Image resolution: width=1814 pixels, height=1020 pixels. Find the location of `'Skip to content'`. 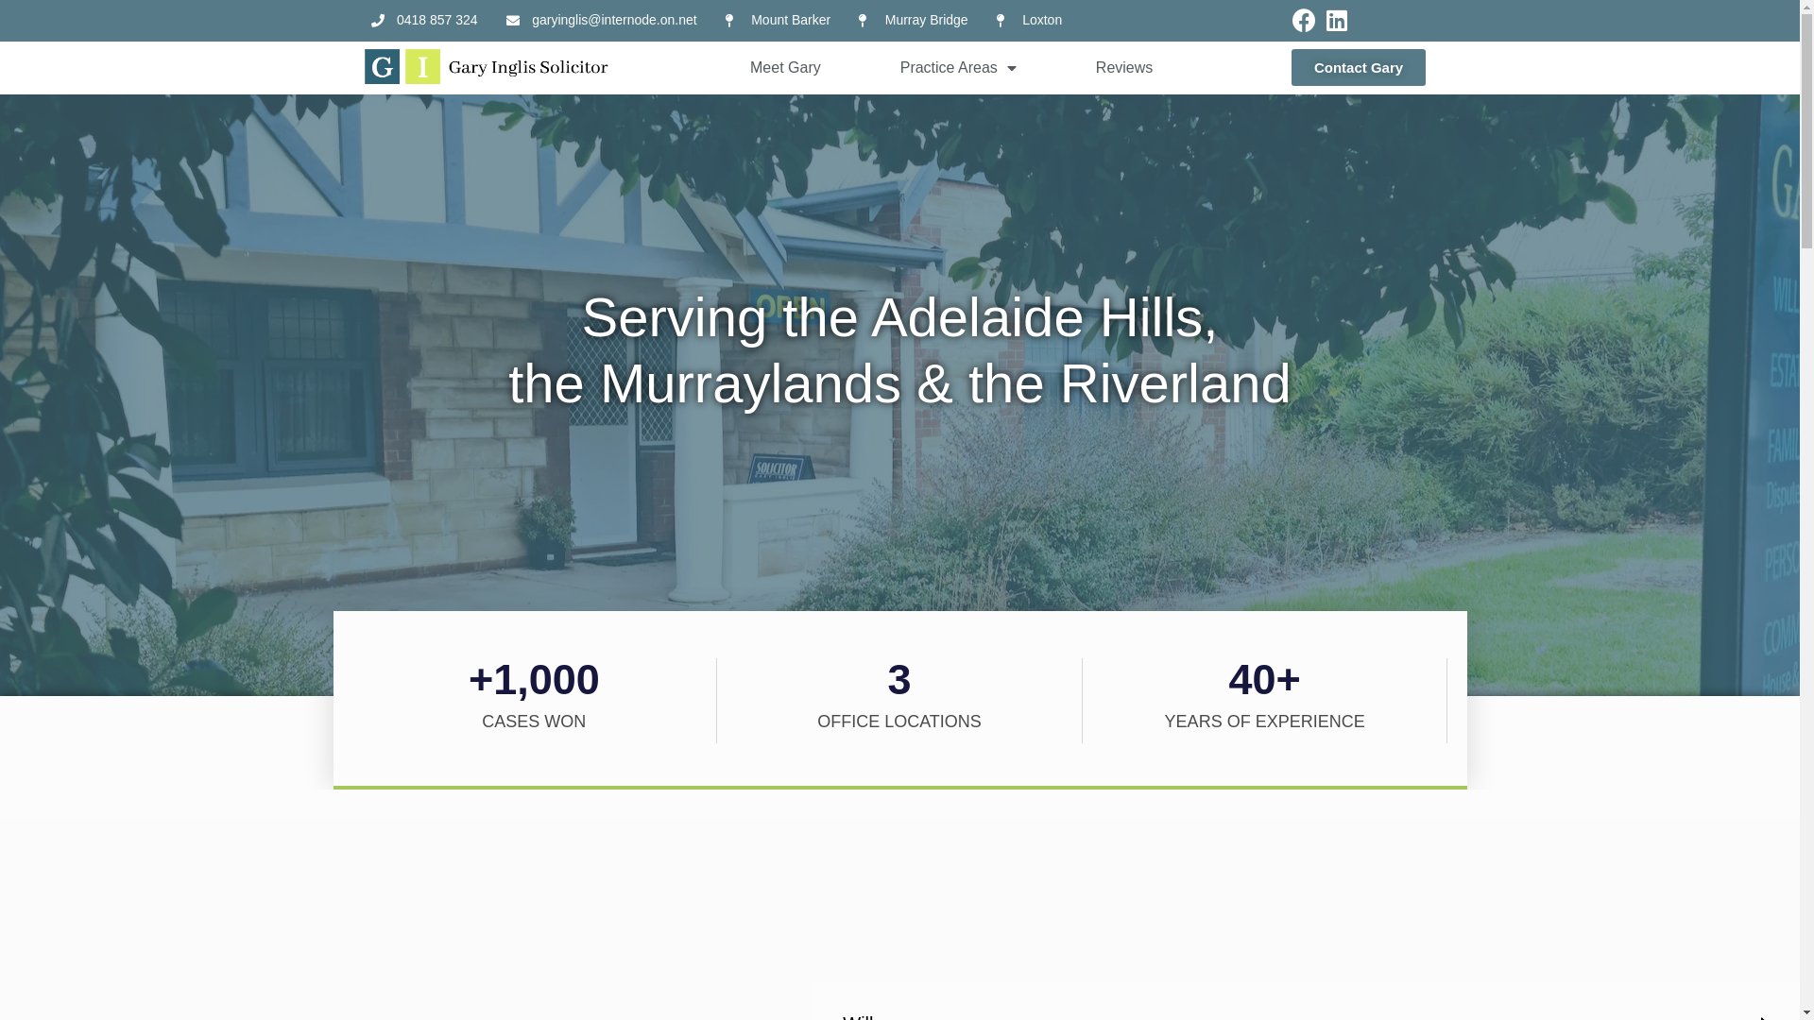

'Skip to content' is located at coordinates (18, 9).